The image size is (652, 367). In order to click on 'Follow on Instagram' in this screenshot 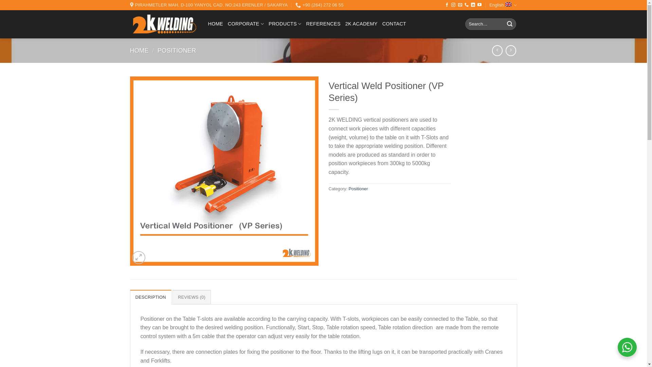, I will do `click(453, 5)`.